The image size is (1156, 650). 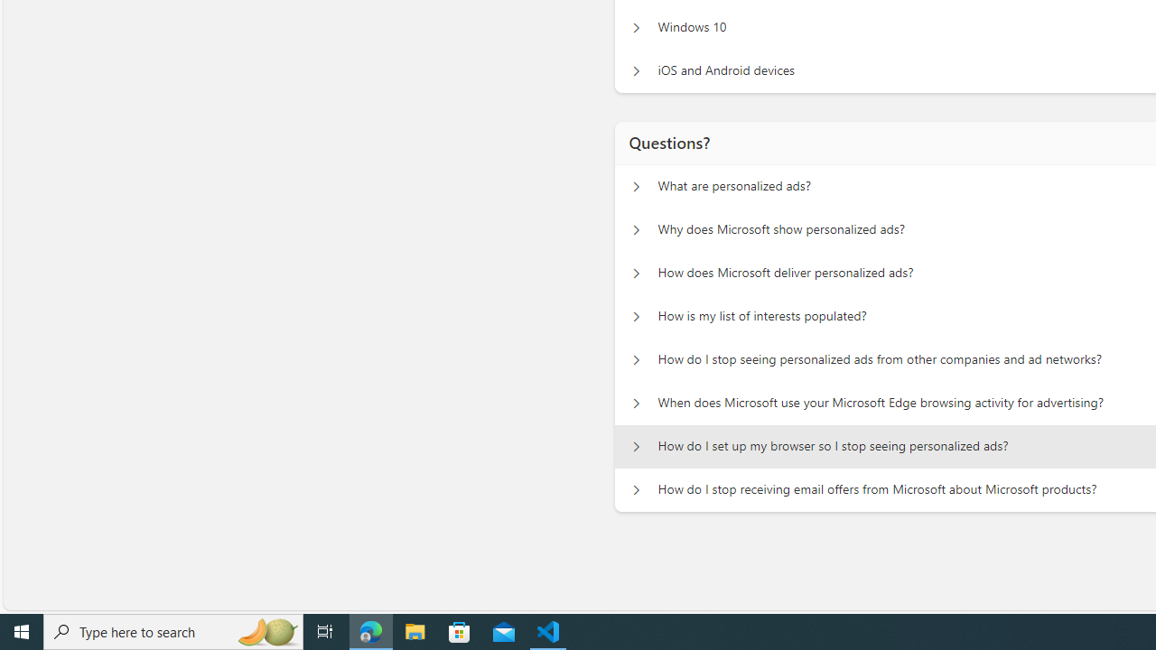 What do you see at coordinates (636, 27) in the screenshot?
I see `'Manage personalized ads on your device Windows 10'` at bounding box center [636, 27].